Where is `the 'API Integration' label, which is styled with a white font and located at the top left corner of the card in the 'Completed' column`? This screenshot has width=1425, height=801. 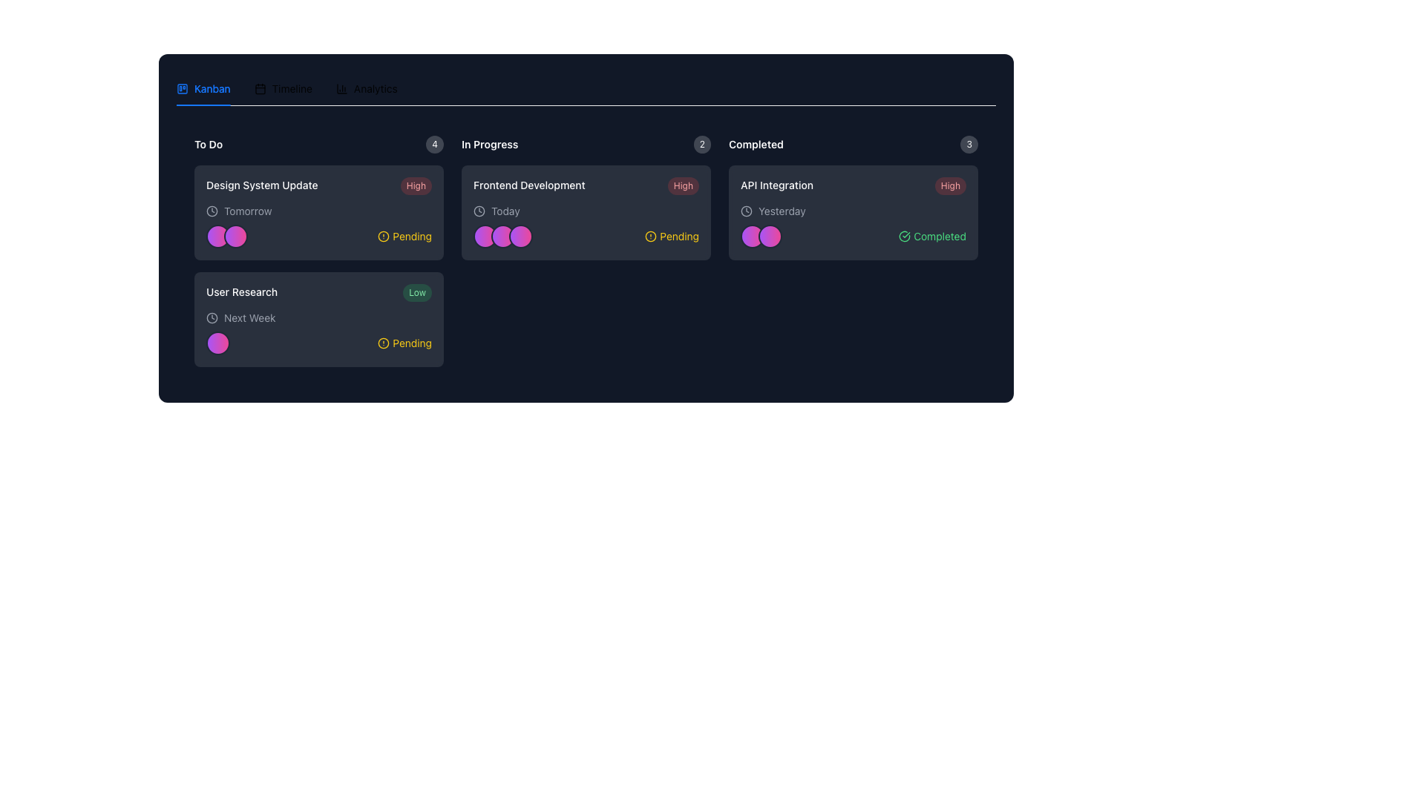 the 'API Integration' label, which is styled with a white font and located at the top left corner of the card in the 'Completed' column is located at coordinates (776, 185).